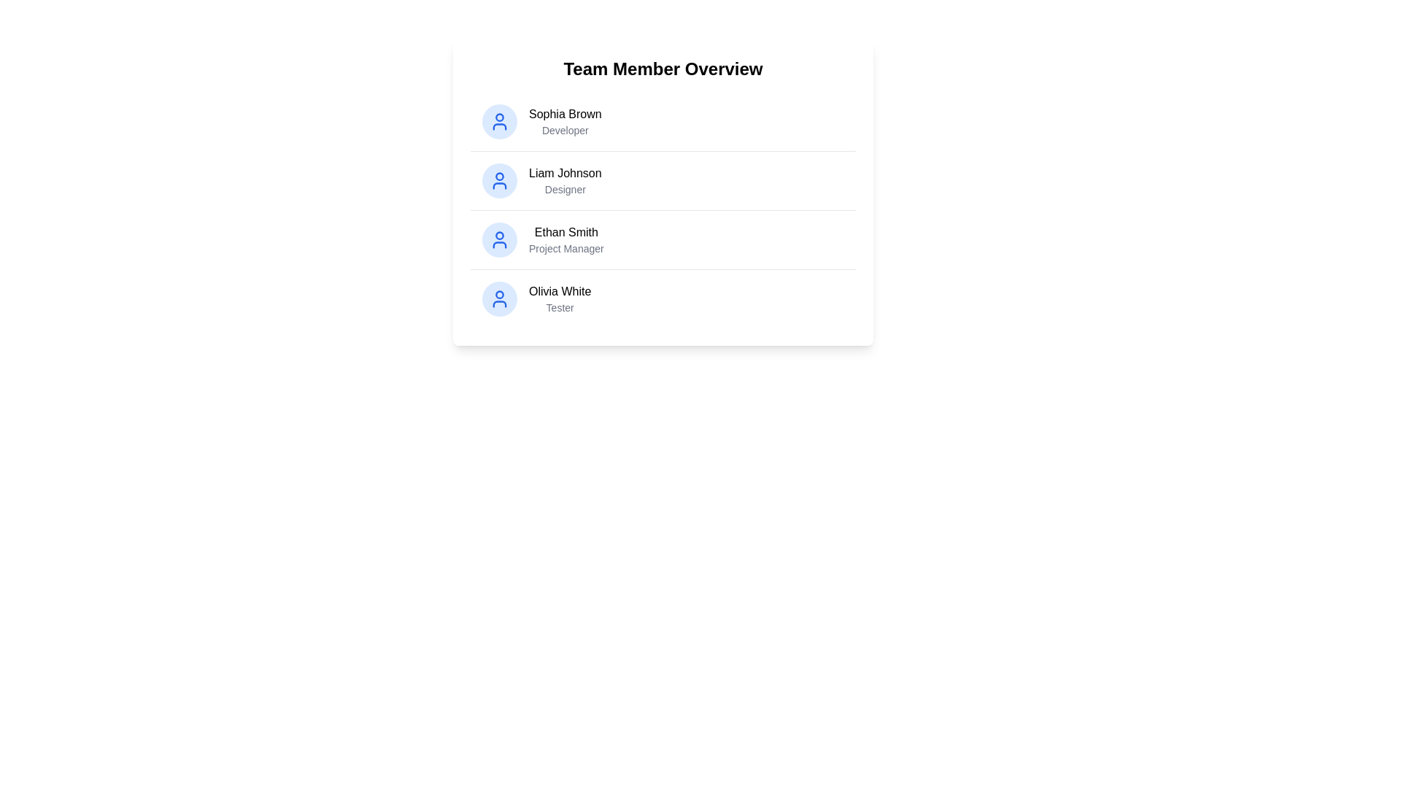  Describe the element at coordinates (500, 244) in the screenshot. I see `the graphical icon representing a person, which is part of the 'Project Manager' entry for 'Ethan Smith' in the 'Team Member Overview'` at that location.